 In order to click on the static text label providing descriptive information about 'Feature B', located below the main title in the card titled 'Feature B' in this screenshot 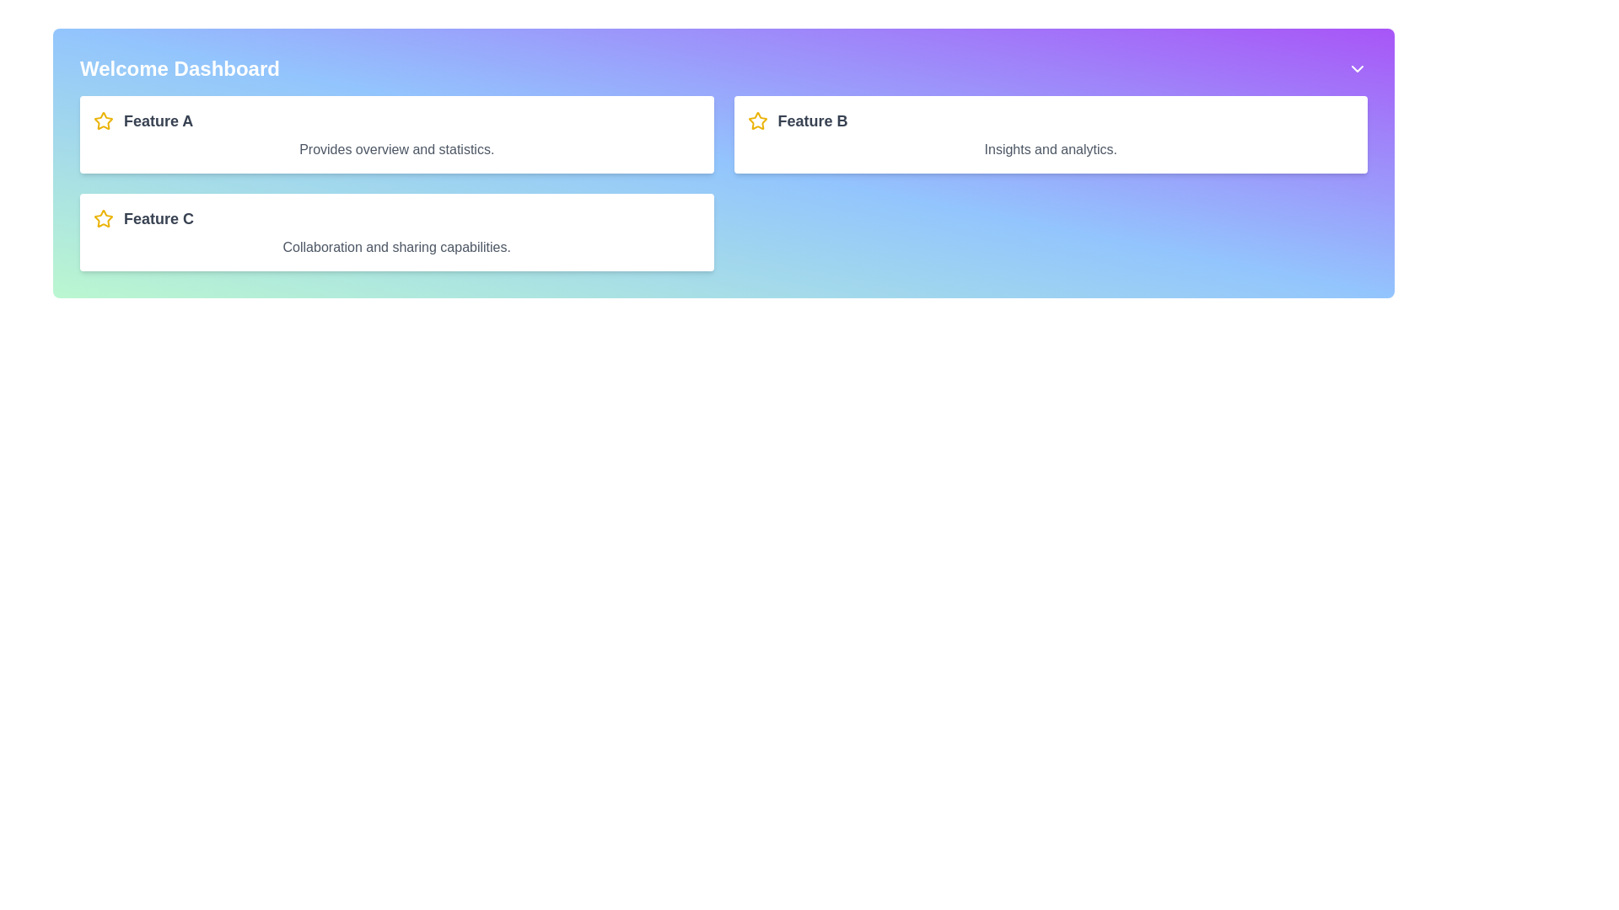, I will do `click(1050, 148)`.